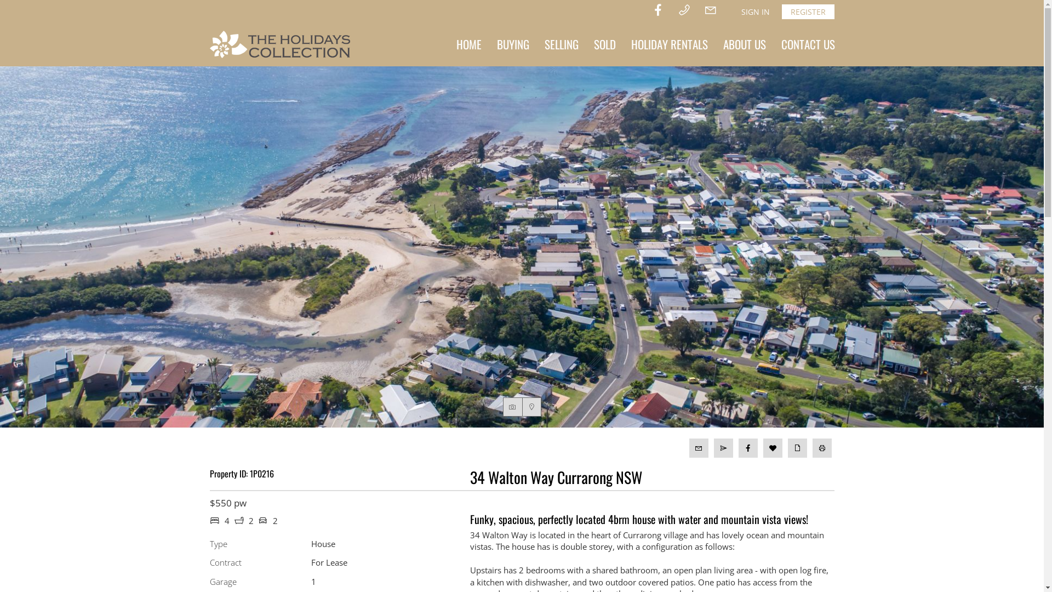  Describe the element at coordinates (698, 448) in the screenshot. I see `'Email to Agent'` at that location.